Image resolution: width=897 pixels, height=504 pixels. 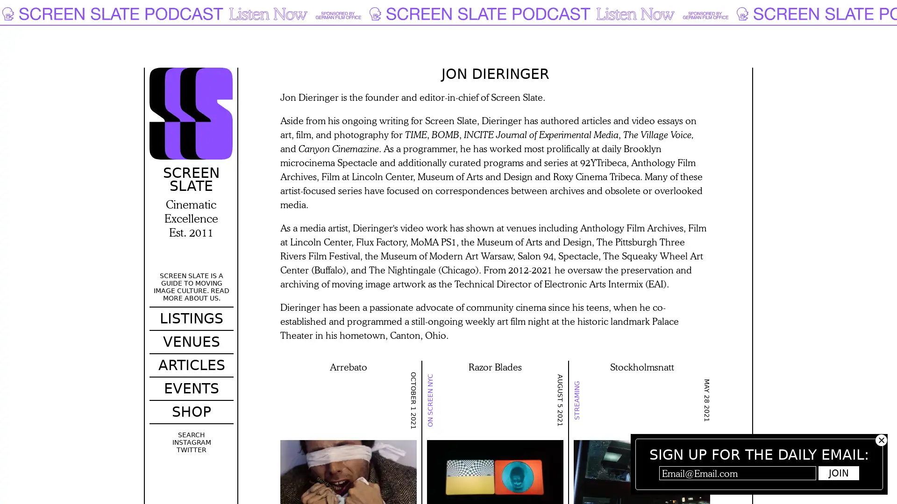 I want to click on Join, so click(x=839, y=473).